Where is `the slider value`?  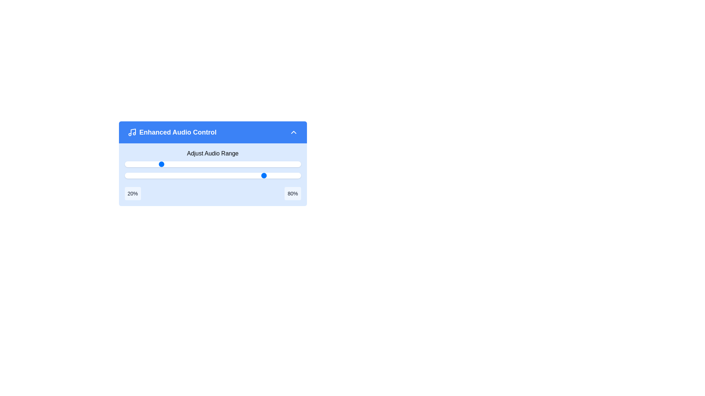 the slider value is located at coordinates (207, 164).